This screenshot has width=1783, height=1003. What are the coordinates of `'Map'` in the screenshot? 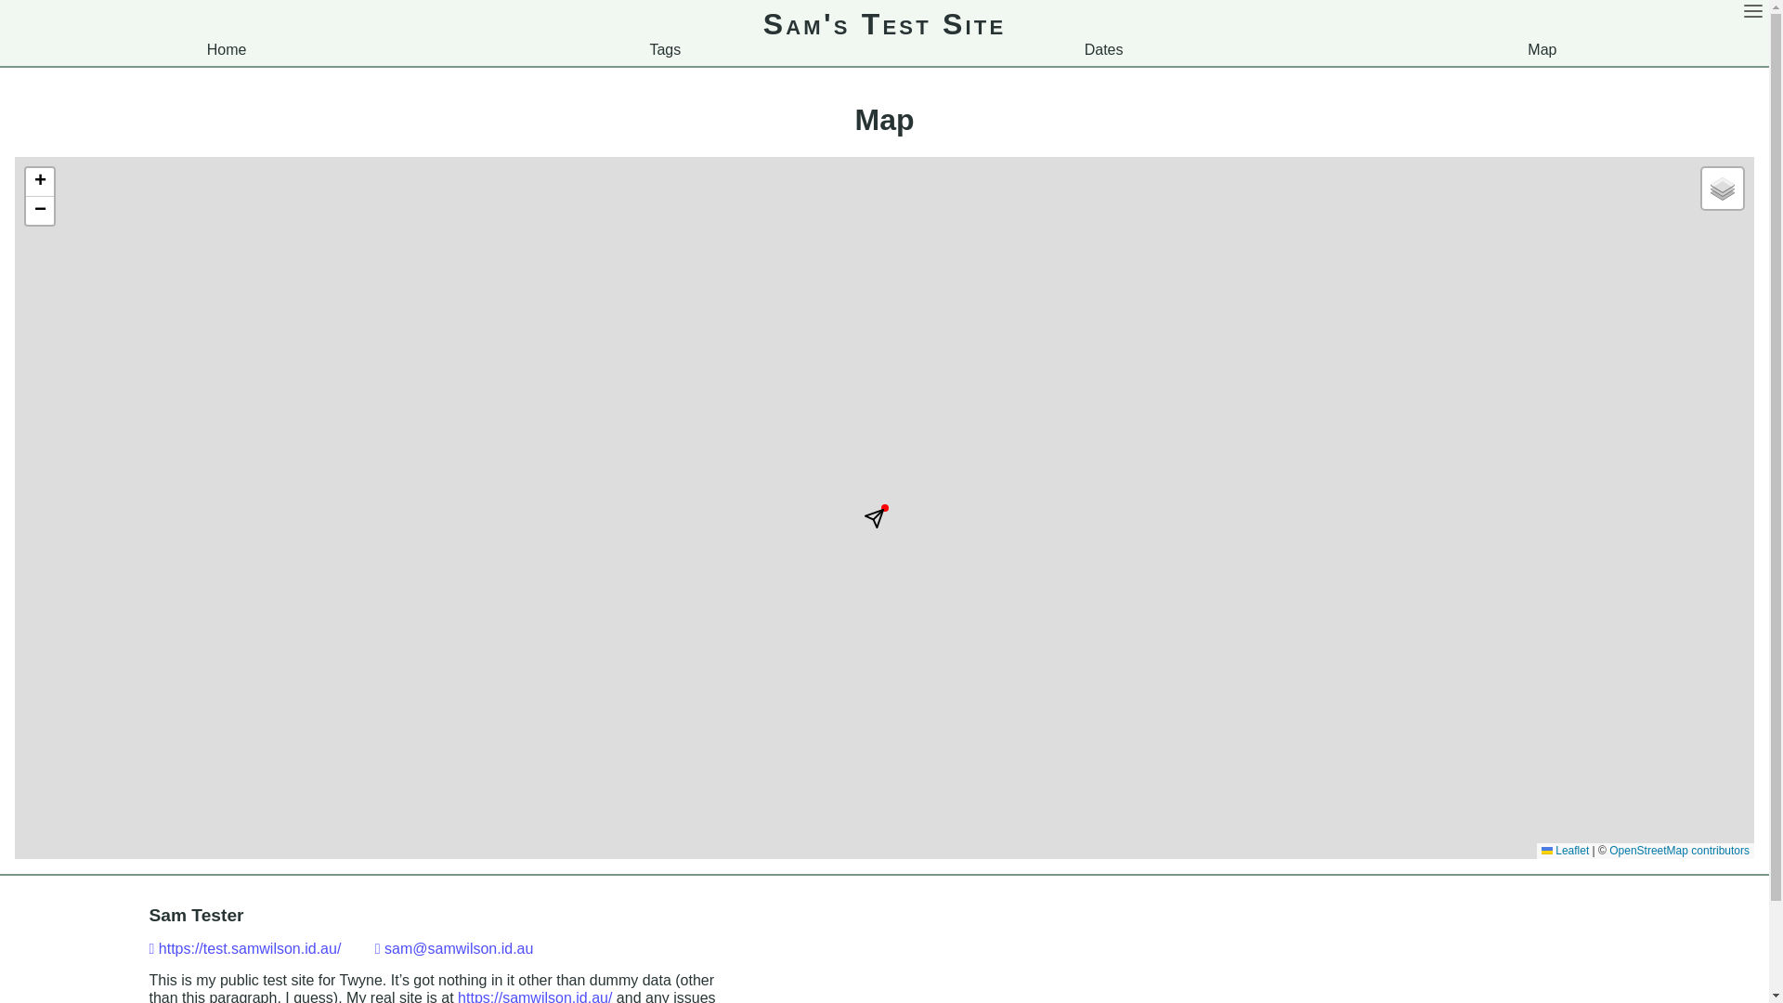 It's located at (1542, 48).